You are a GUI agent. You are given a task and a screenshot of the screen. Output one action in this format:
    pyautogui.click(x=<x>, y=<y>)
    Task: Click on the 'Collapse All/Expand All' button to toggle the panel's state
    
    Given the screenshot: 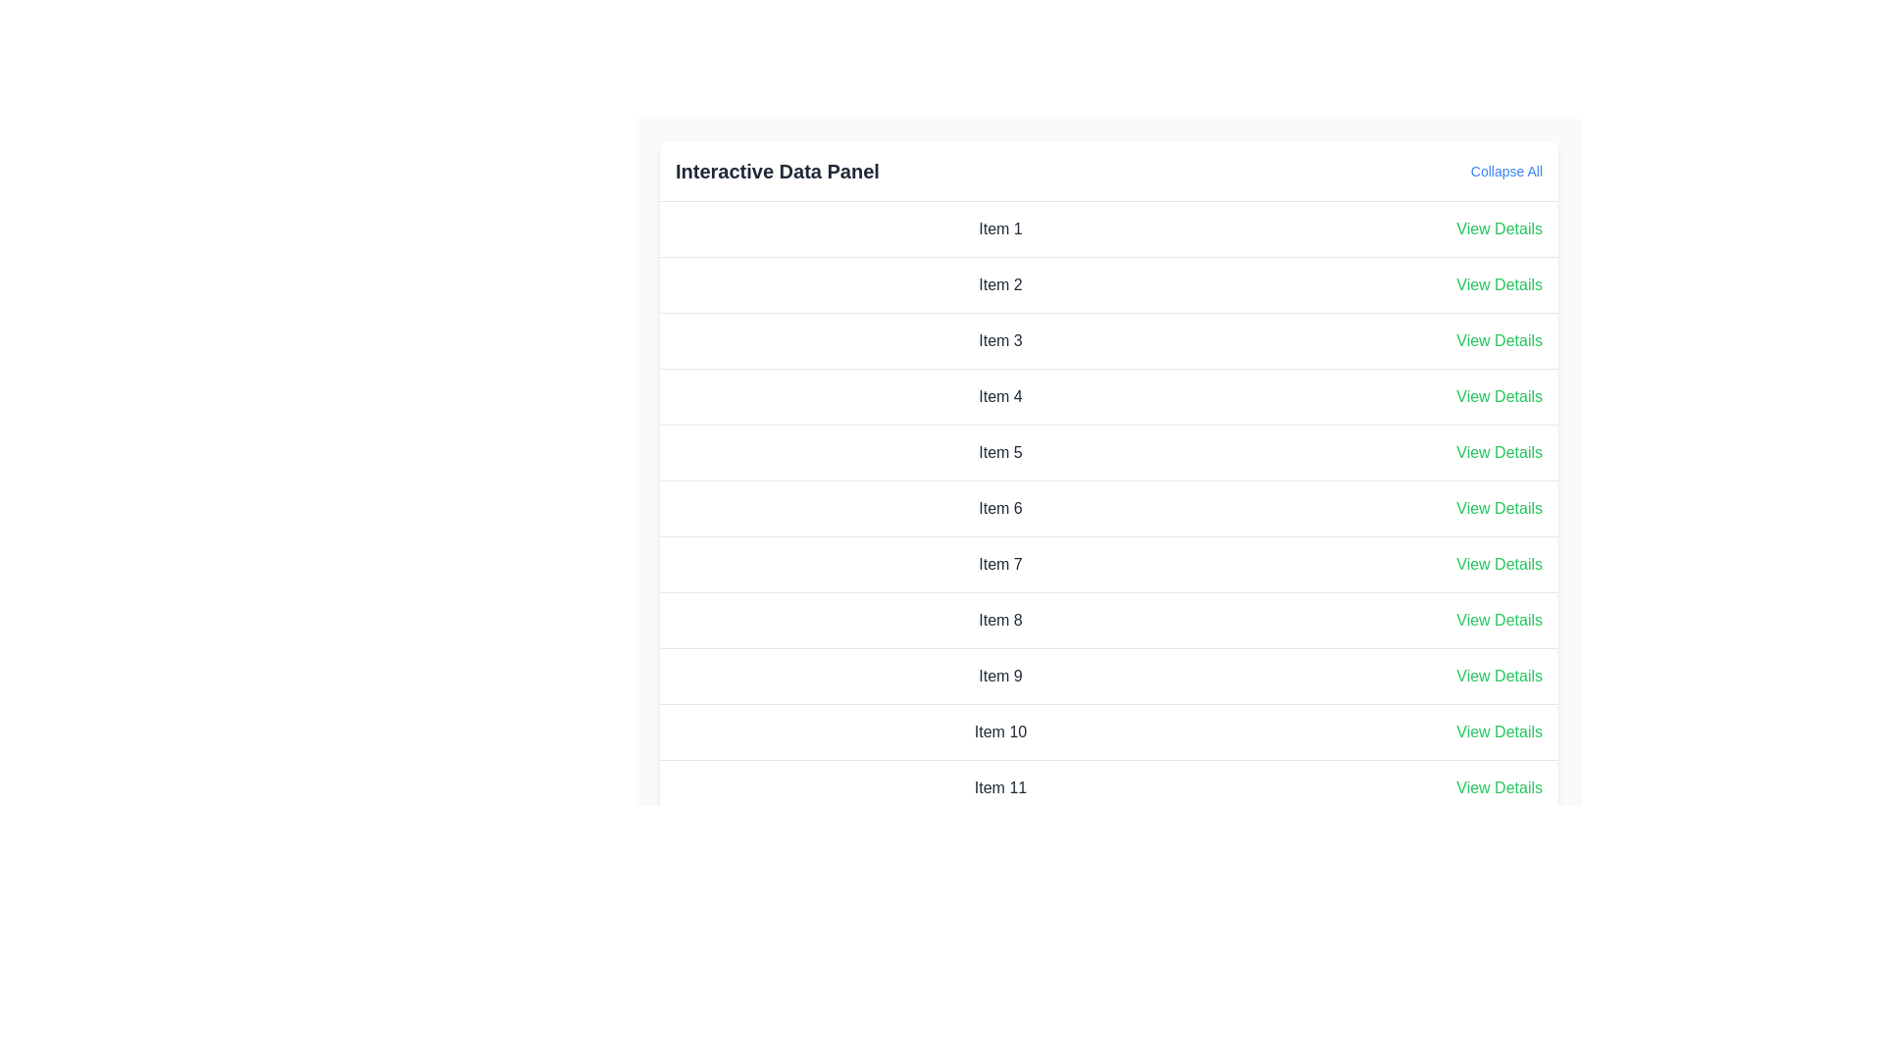 What is the action you would take?
    pyautogui.click(x=1505, y=170)
    